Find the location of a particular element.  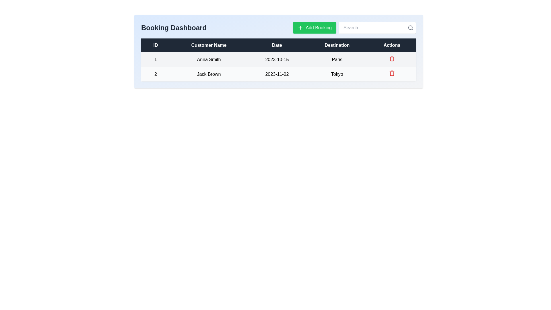

the trash bin icon button in the Actions column for the row corresponding to 'Anna Smith' is located at coordinates (391, 59).